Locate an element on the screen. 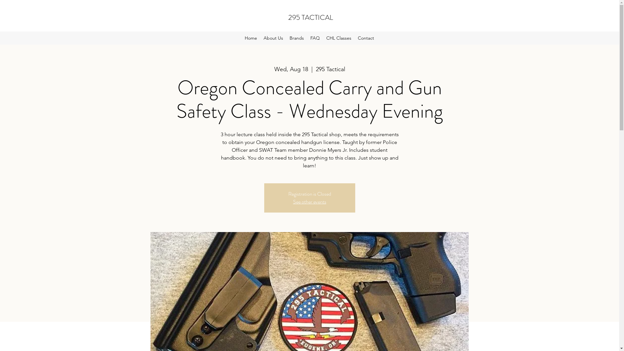  'About Us' is located at coordinates (260, 38).